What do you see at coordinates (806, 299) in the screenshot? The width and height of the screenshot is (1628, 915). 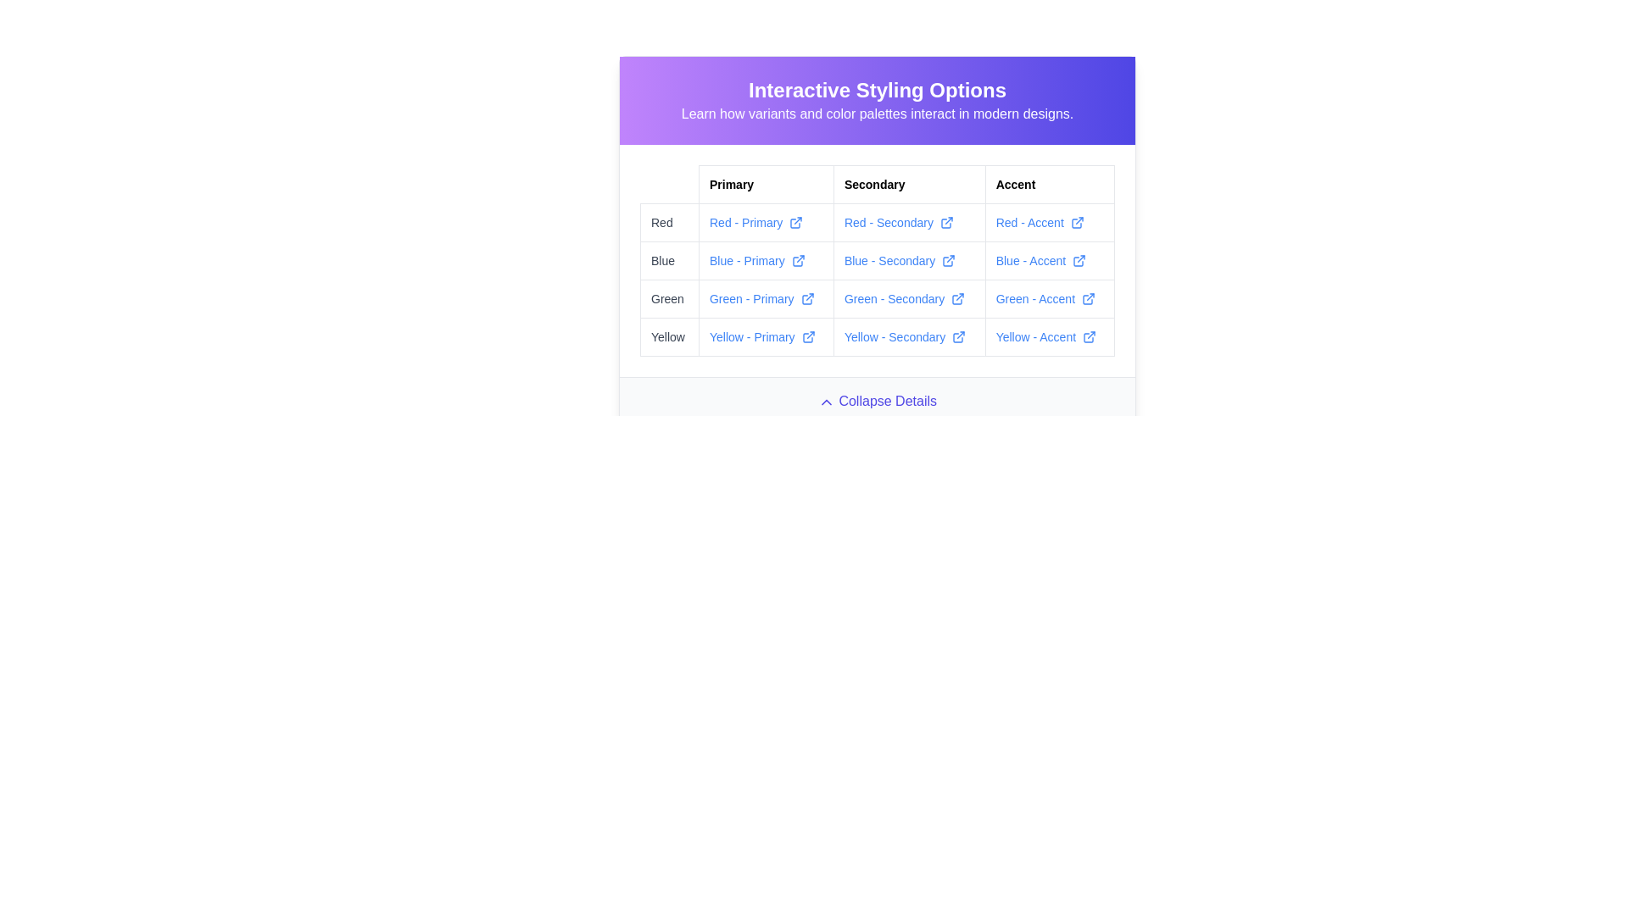 I see `the external link icon located in the 'Green - Primary' cell of the 4x4 grid under 'Interactive Styling Options'` at bounding box center [806, 299].